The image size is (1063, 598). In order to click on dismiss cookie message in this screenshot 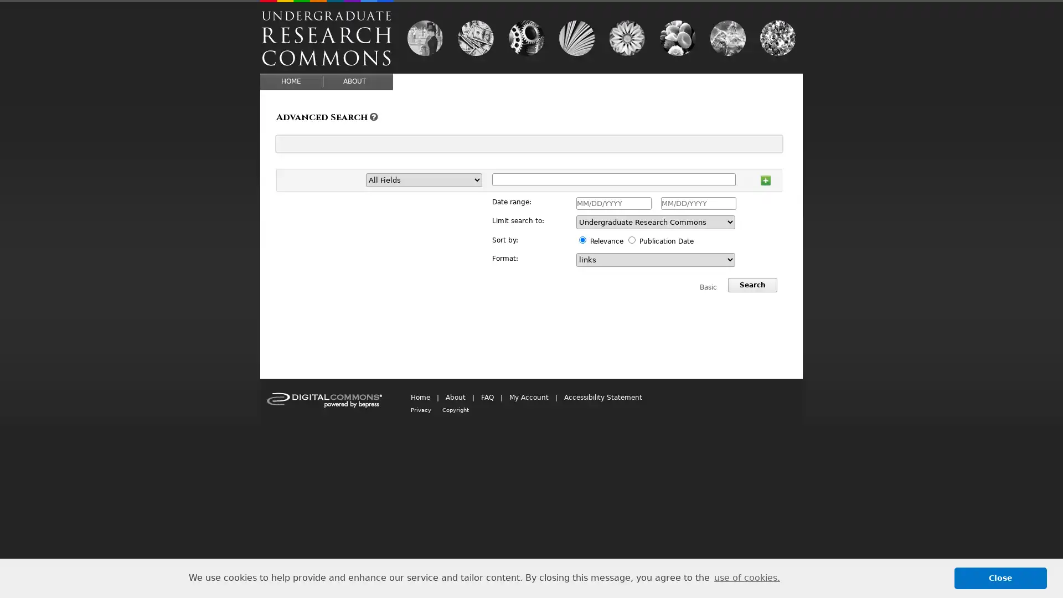, I will do `click(1000, 578)`.